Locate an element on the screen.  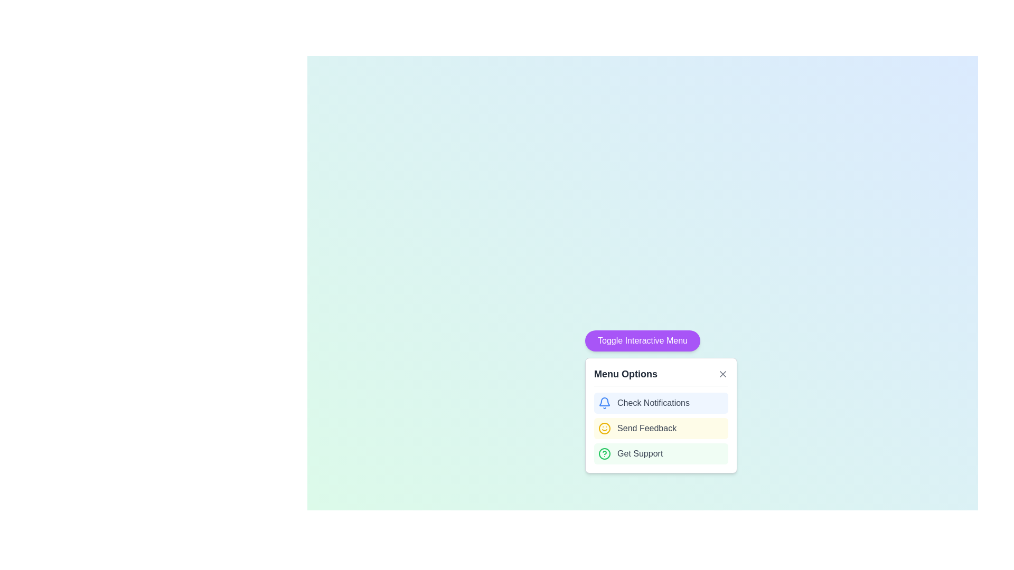
the feedback button located in the dropdown menu titled 'Menu Options', which is the second item below 'Check Notifications' and above 'Get Support' is located at coordinates (661, 415).